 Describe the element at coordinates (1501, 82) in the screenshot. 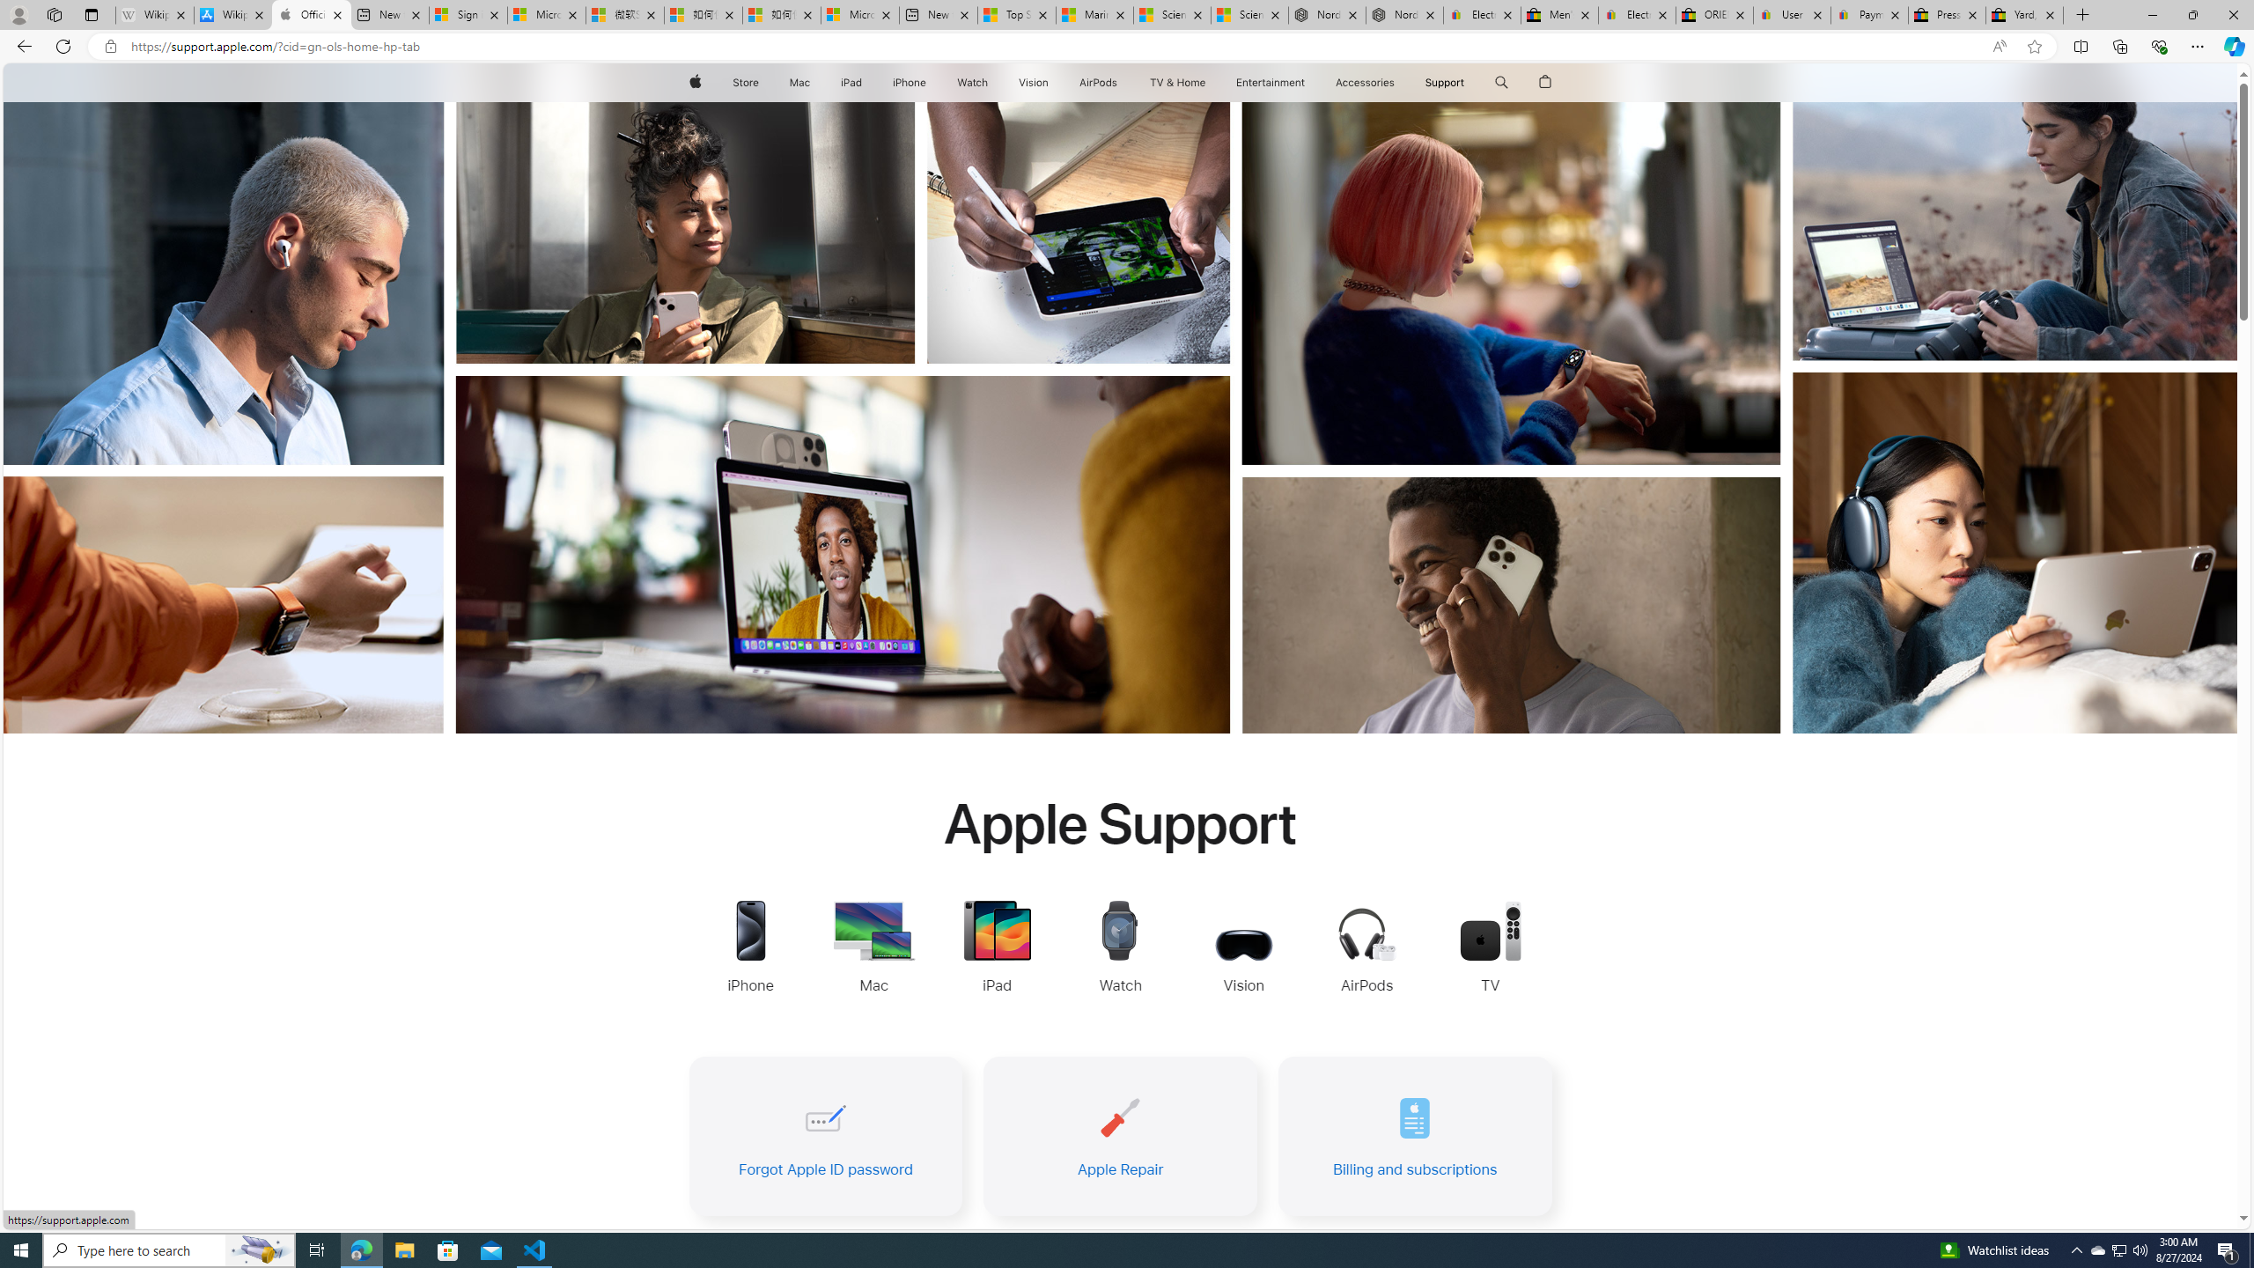

I see `'Search Support'` at that location.